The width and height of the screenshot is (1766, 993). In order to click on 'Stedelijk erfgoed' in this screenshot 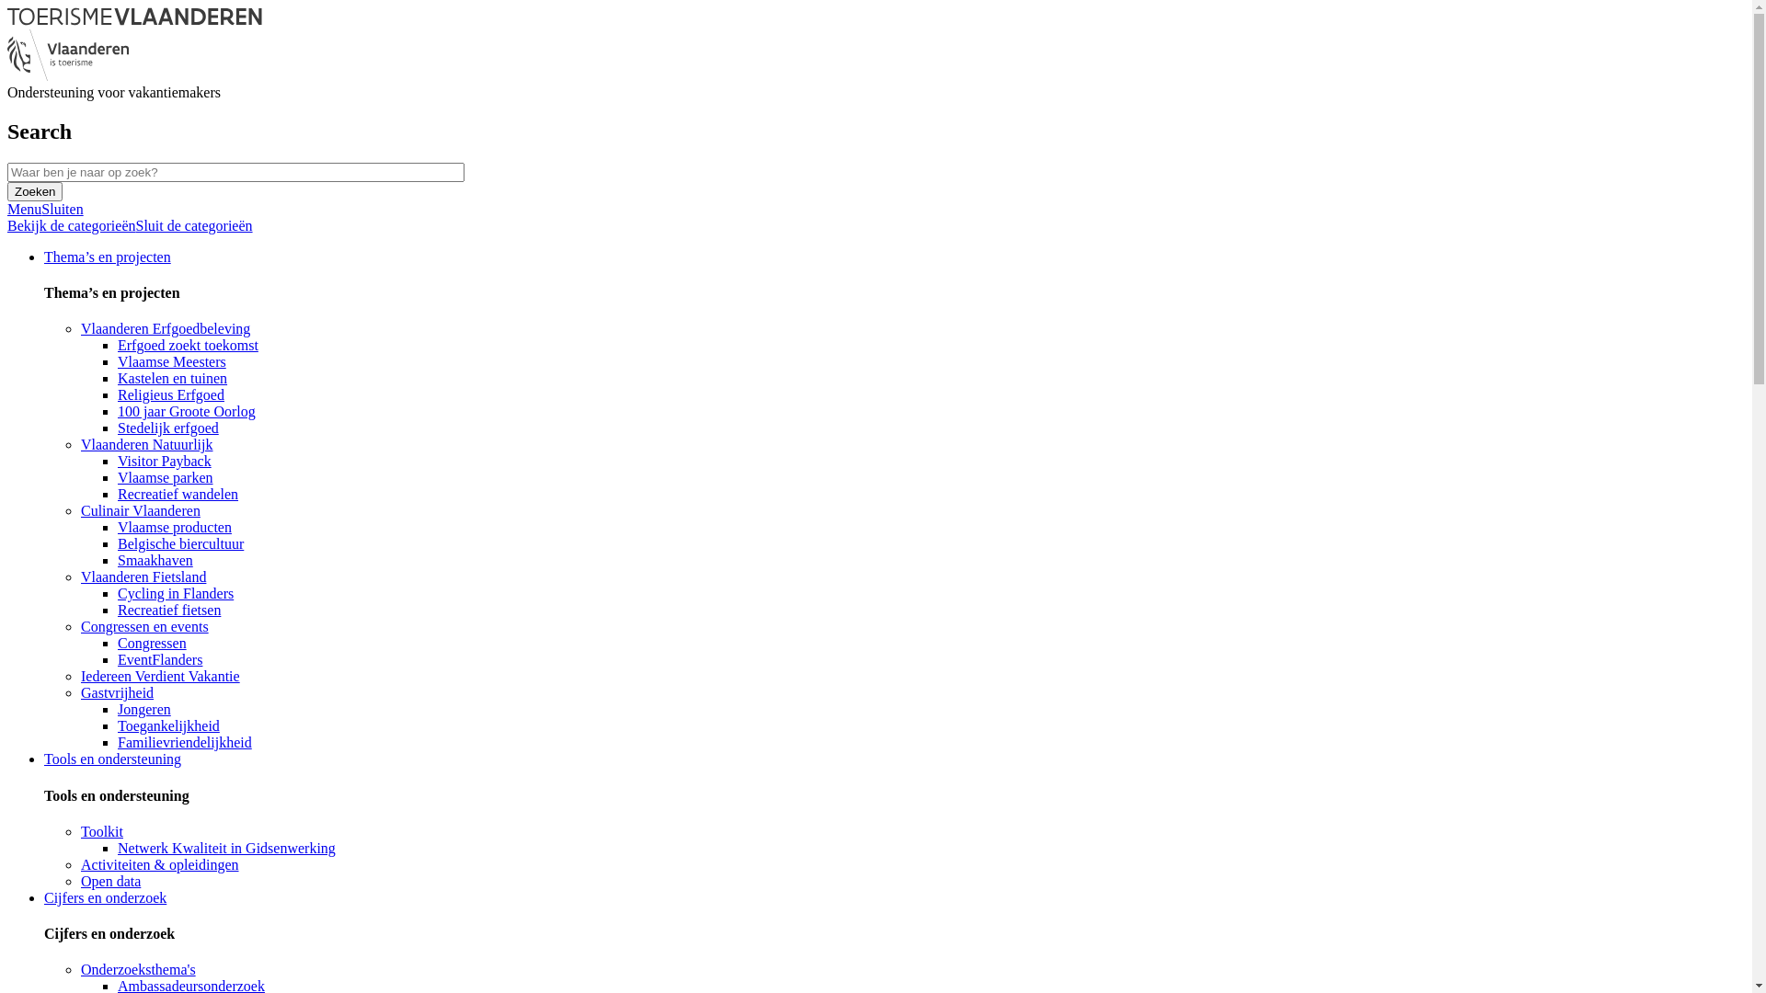, I will do `click(167, 428)`.